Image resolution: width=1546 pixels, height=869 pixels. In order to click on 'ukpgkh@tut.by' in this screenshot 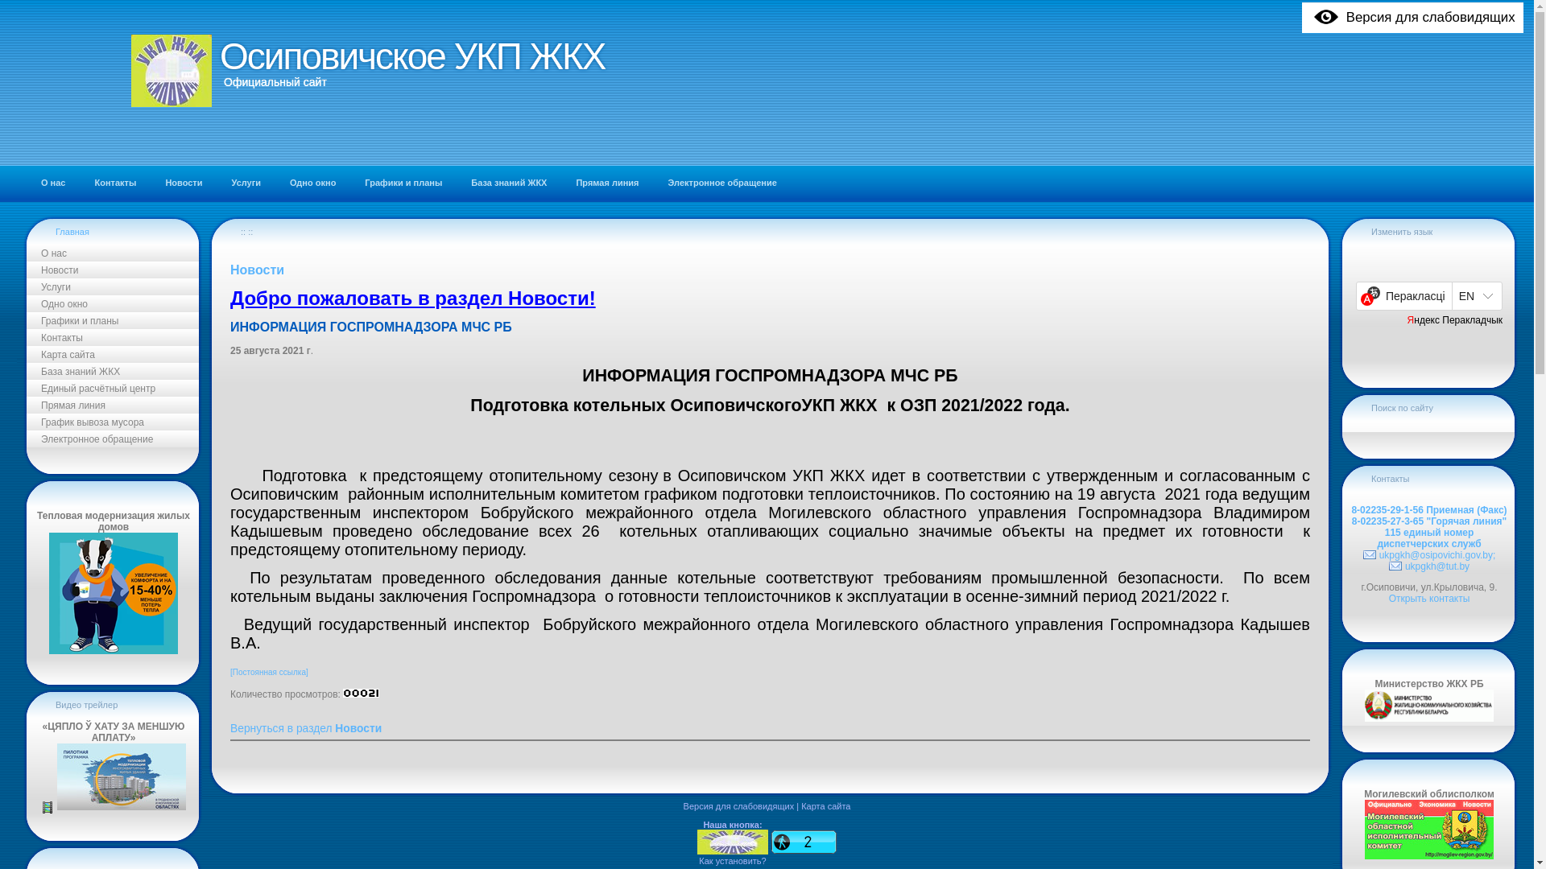, I will do `click(1387, 566)`.